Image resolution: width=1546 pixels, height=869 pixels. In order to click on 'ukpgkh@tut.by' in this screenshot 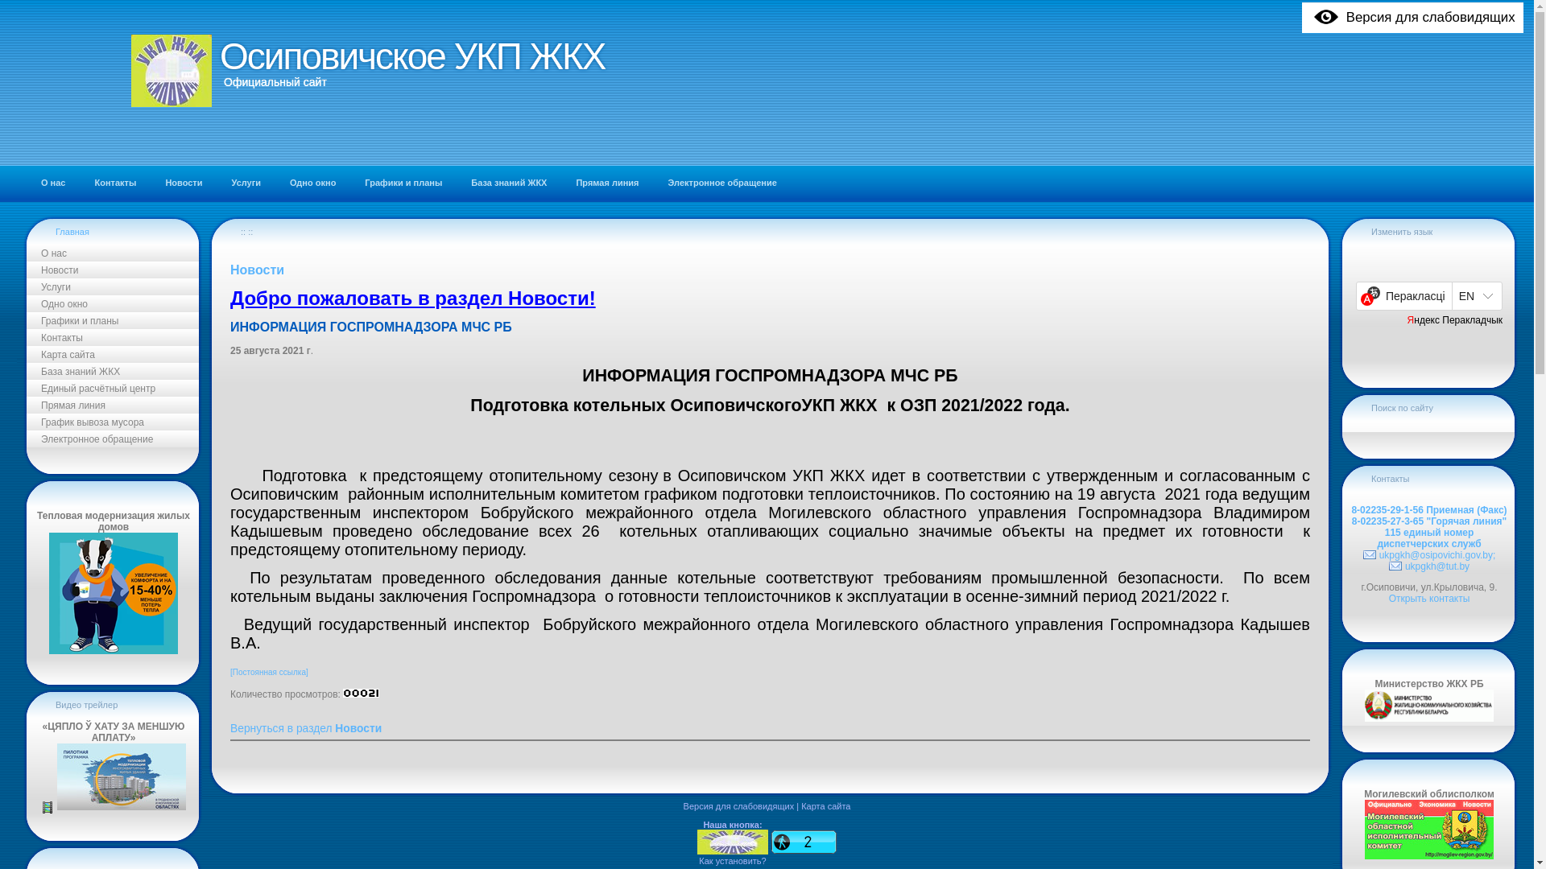, I will do `click(1387, 566)`.